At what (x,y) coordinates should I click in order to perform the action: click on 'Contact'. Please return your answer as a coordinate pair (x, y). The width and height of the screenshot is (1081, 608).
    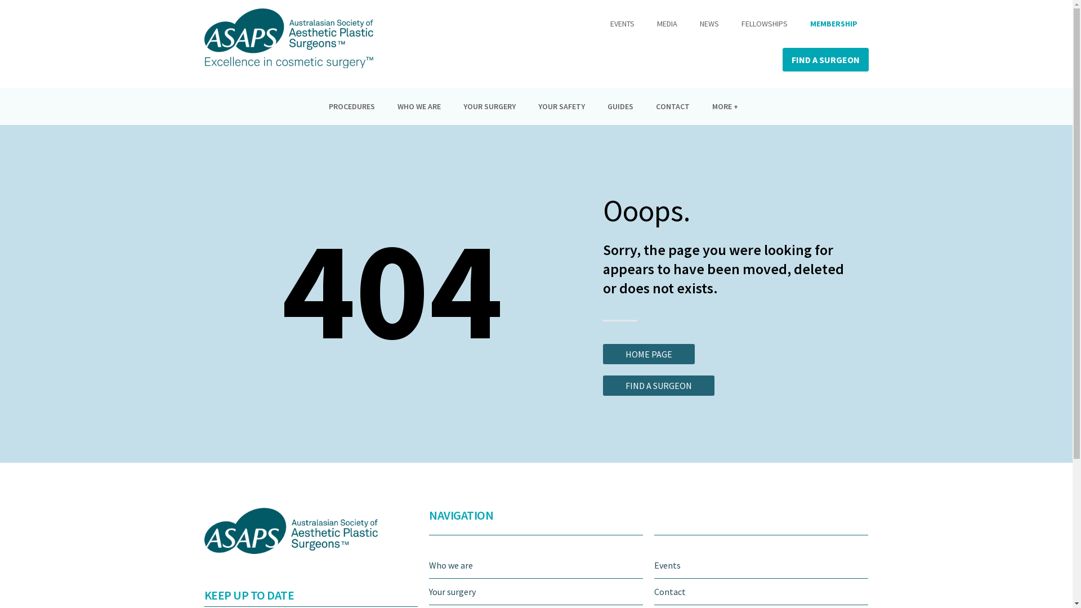
    Looking at the image, I should click on (761, 591).